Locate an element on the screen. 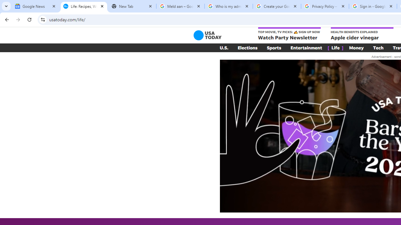 The image size is (401, 225). 'U.S.' is located at coordinates (224, 47).